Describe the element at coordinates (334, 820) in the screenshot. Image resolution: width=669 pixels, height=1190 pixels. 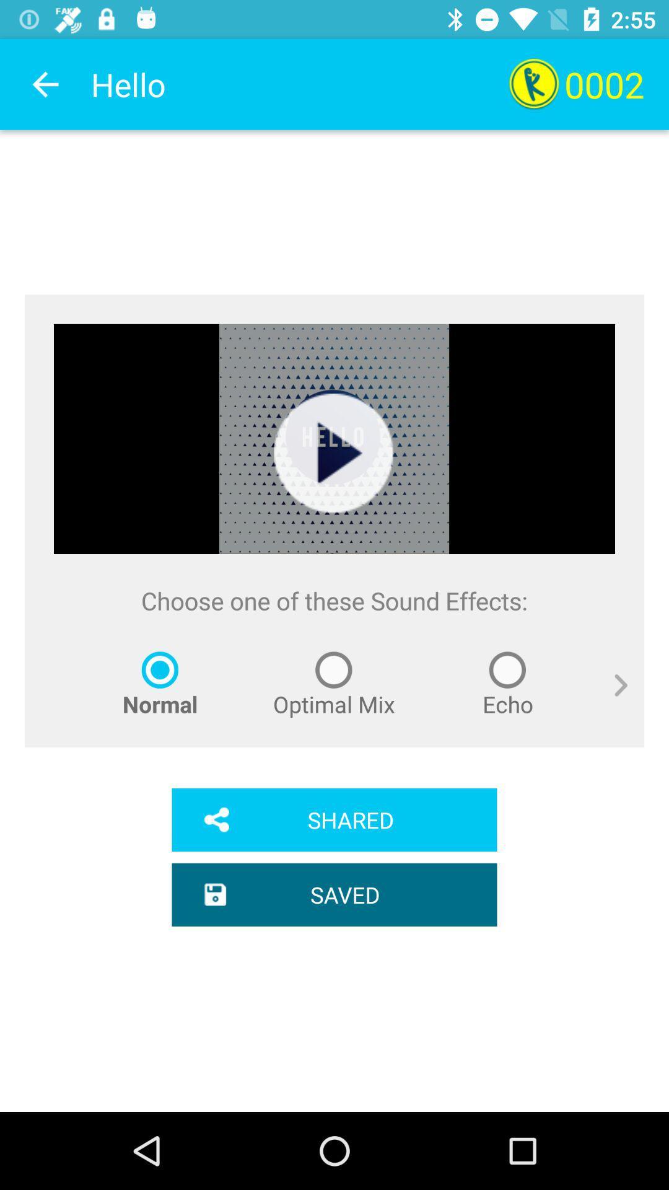
I see `shared icon` at that location.